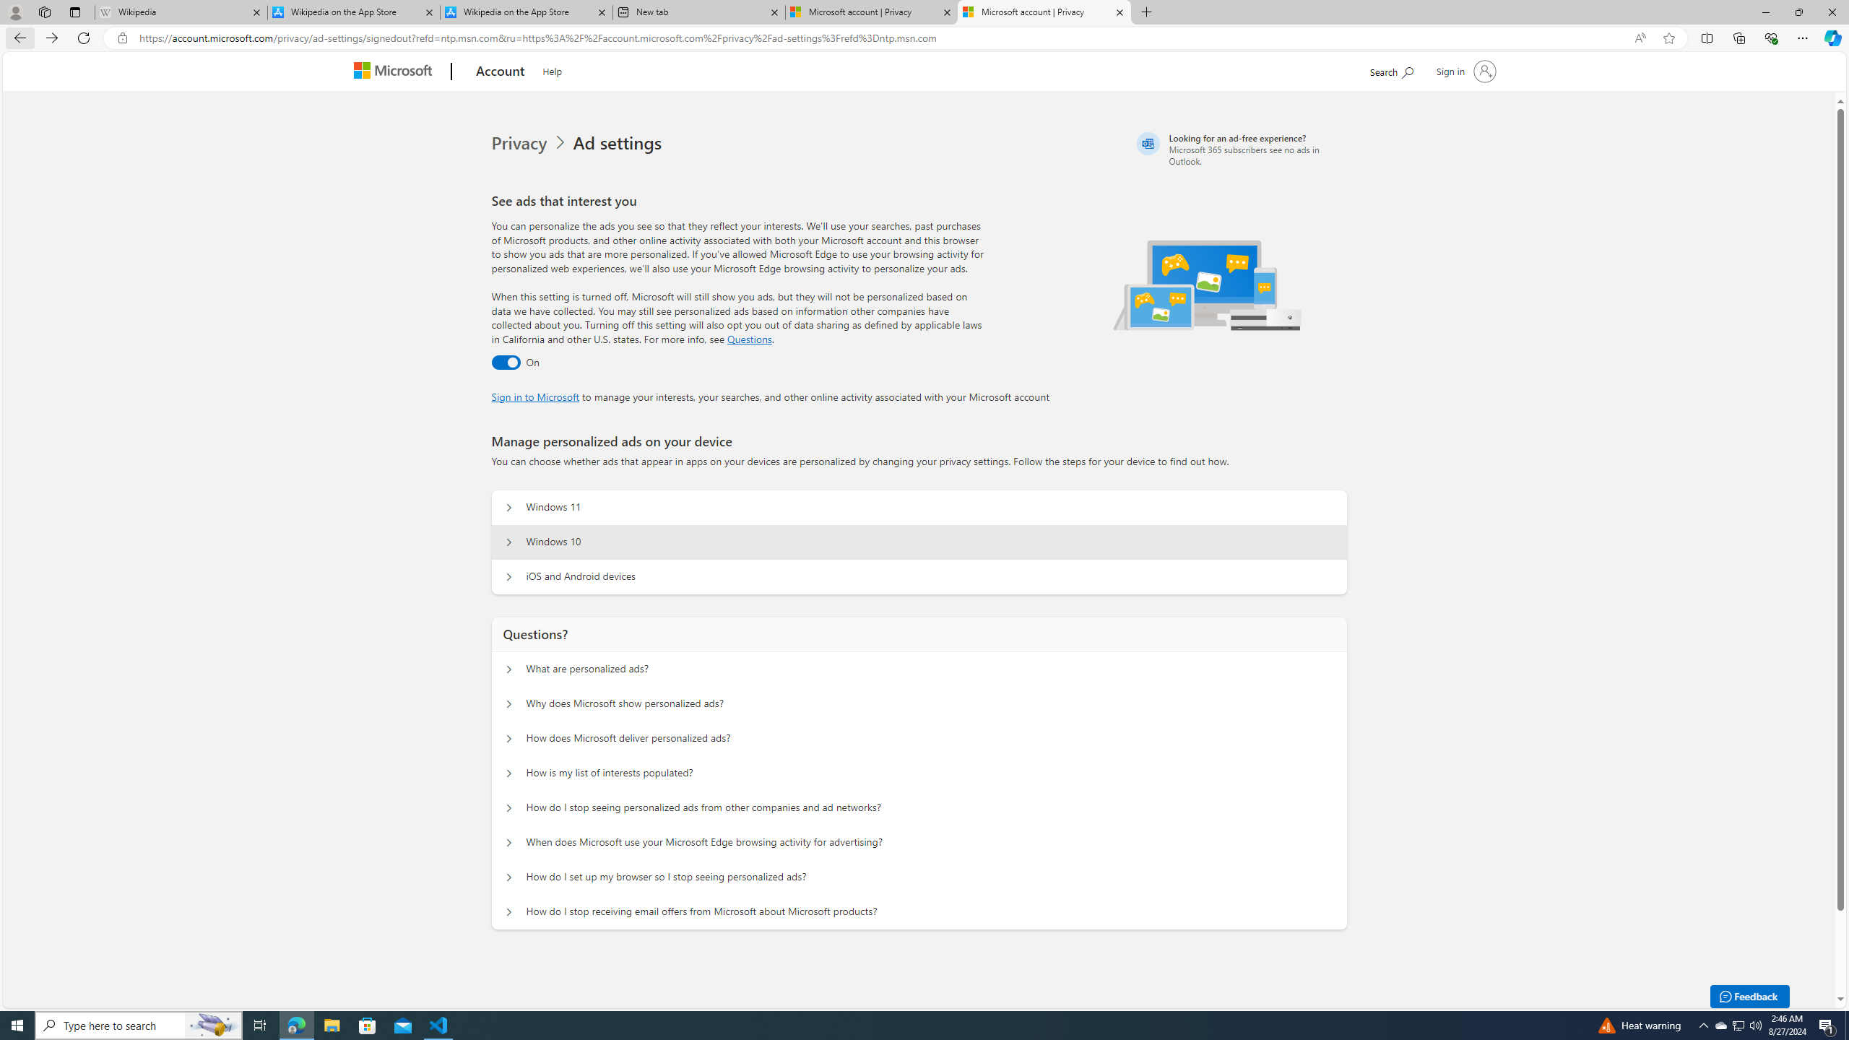 The height and width of the screenshot is (1040, 1849). Describe the element at coordinates (74, 12) in the screenshot. I see `'Tab actions menu'` at that location.